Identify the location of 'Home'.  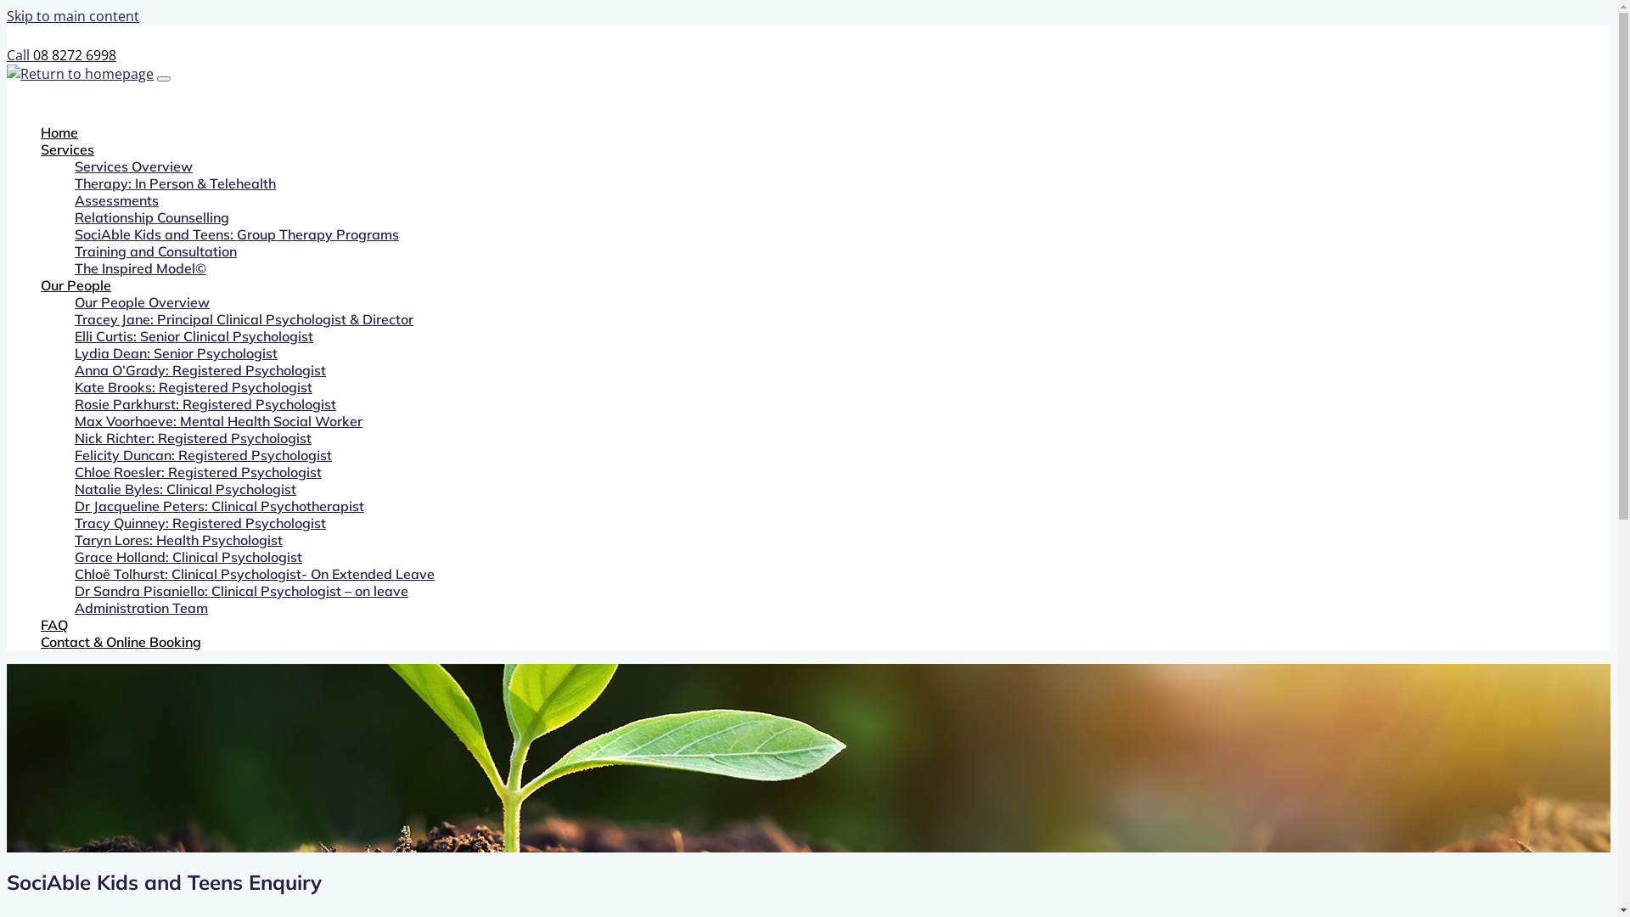
(41, 131).